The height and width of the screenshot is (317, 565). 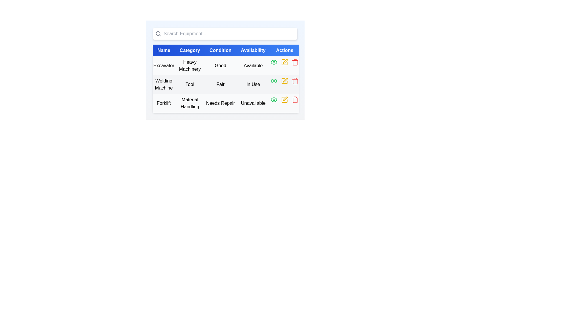 I want to click on the 'Availability' header label, which is a blue button with white text, located as the fourth column in the header row of the table, to interact with the column, so click(x=253, y=50).